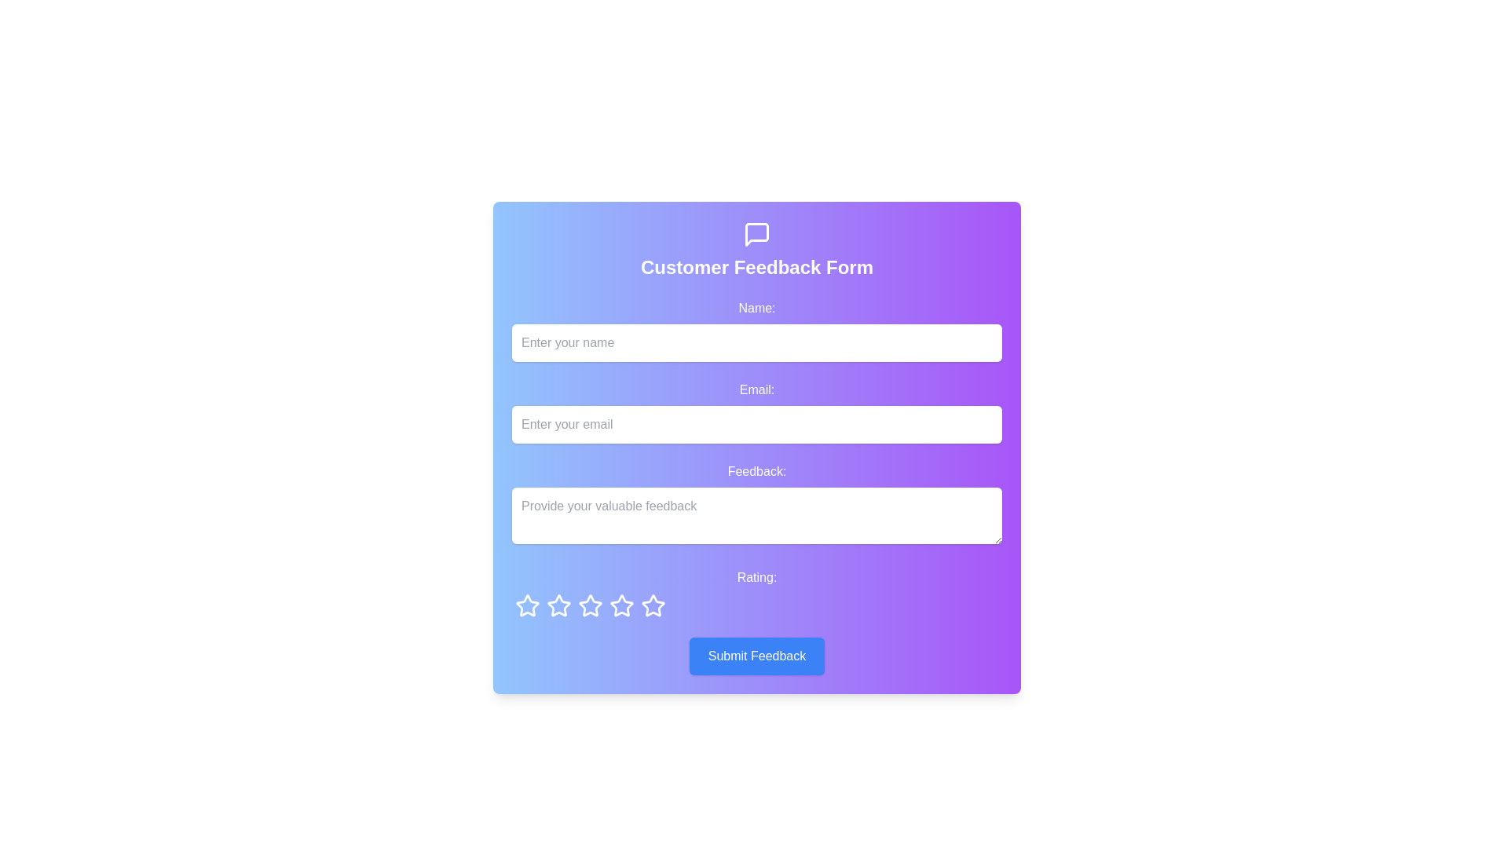  I want to click on the 'Submit Feedback' button, which is a rectangular button with a blue gradient background and white bold text, located at the bottom of the form layout, so click(757, 656).